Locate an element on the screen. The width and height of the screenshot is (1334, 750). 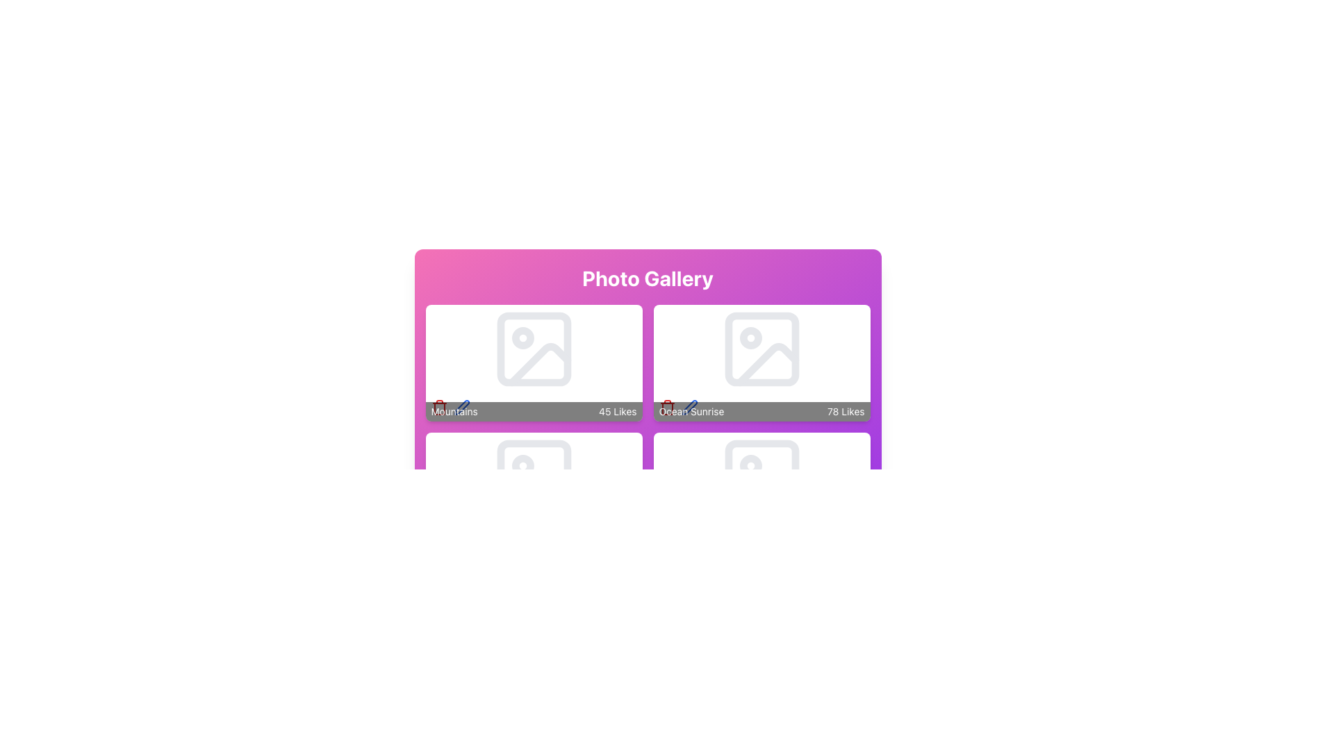
the small circular element located within the rectangular graphic placeholder in the top left quadrant of the layout is located at coordinates (522, 337).